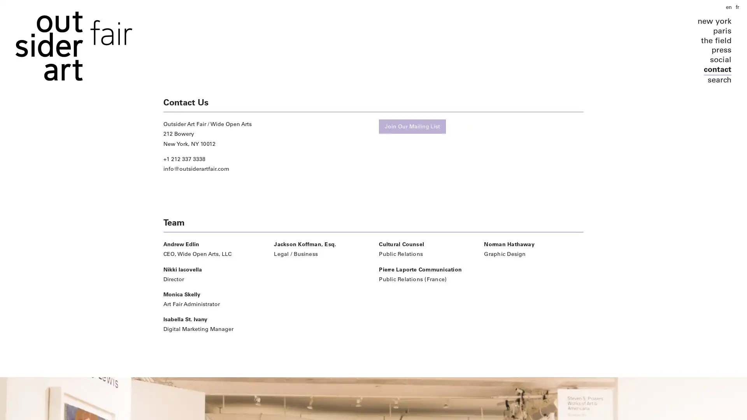  What do you see at coordinates (412, 126) in the screenshot?
I see `Join Our Mailing List` at bounding box center [412, 126].